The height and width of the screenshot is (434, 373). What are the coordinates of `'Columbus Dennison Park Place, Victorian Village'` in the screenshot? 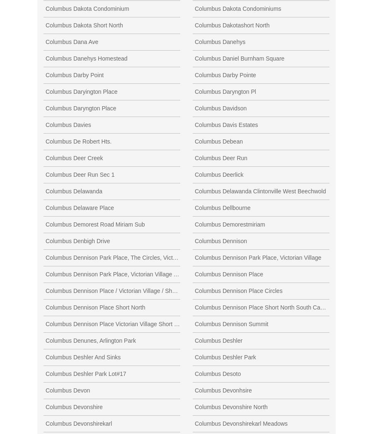 It's located at (258, 257).